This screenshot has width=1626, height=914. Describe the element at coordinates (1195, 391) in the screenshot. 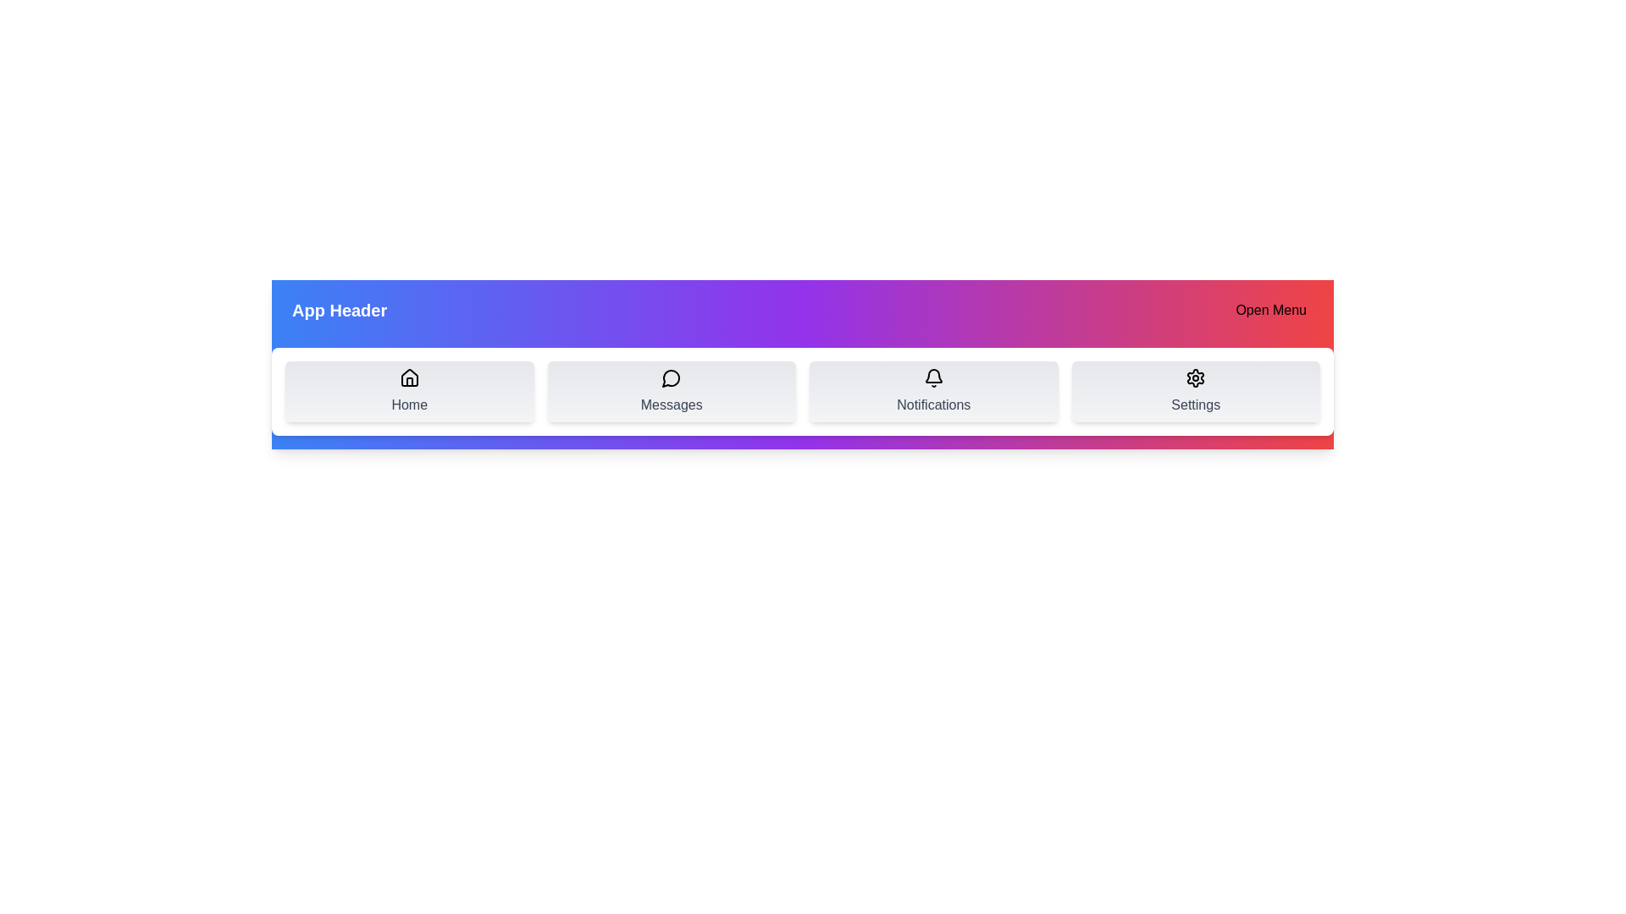

I see `the menu item Settings by clicking on it` at that location.